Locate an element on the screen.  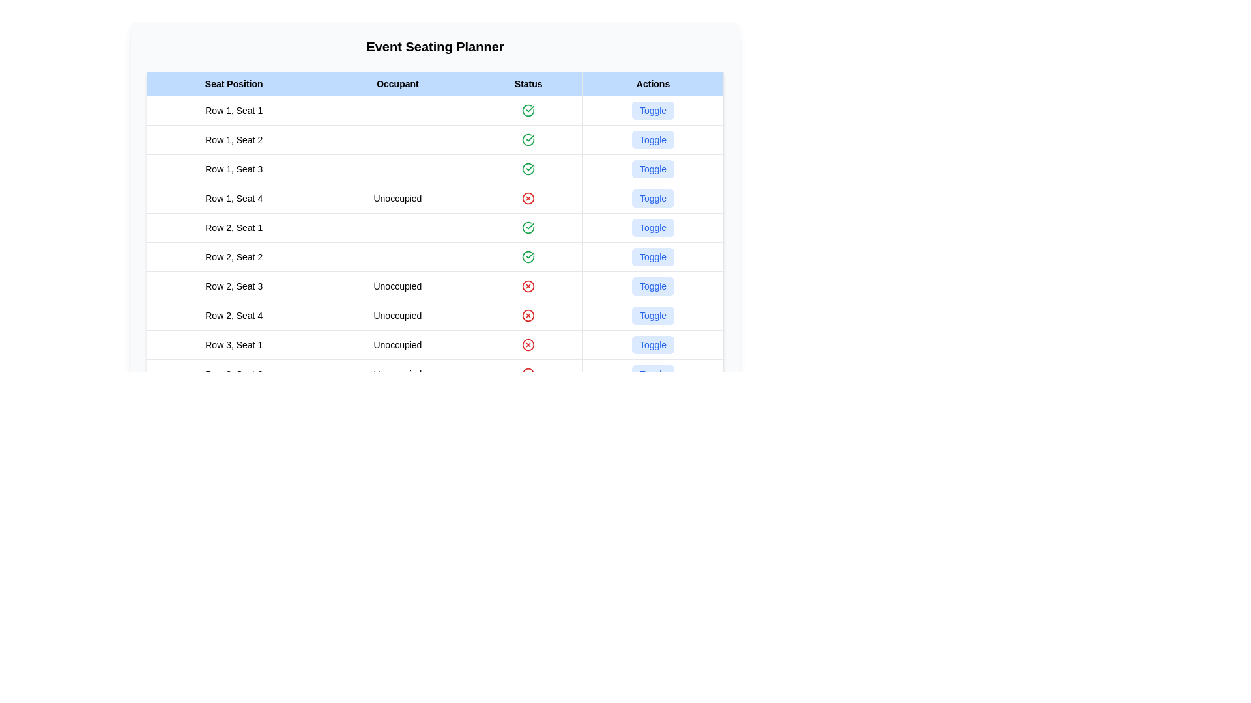
the static text label displaying 'Unoccupied' in the 'Occupant' column of the table for 'Row 1, Seat 4' is located at coordinates (397, 198).